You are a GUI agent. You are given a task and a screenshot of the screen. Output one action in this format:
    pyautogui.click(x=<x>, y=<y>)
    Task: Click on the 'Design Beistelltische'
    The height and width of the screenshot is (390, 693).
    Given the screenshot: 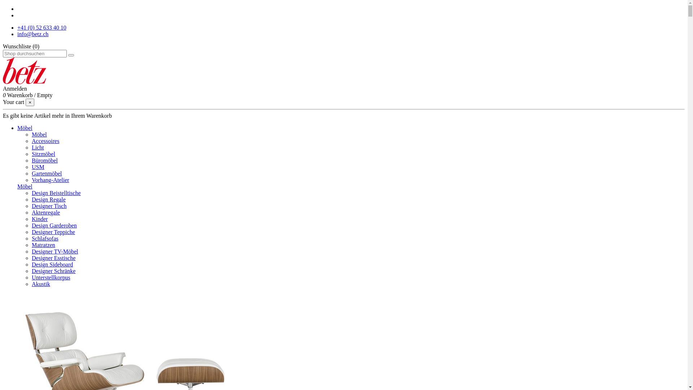 What is the action you would take?
    pyautogui.click(x=56, y=192)
    